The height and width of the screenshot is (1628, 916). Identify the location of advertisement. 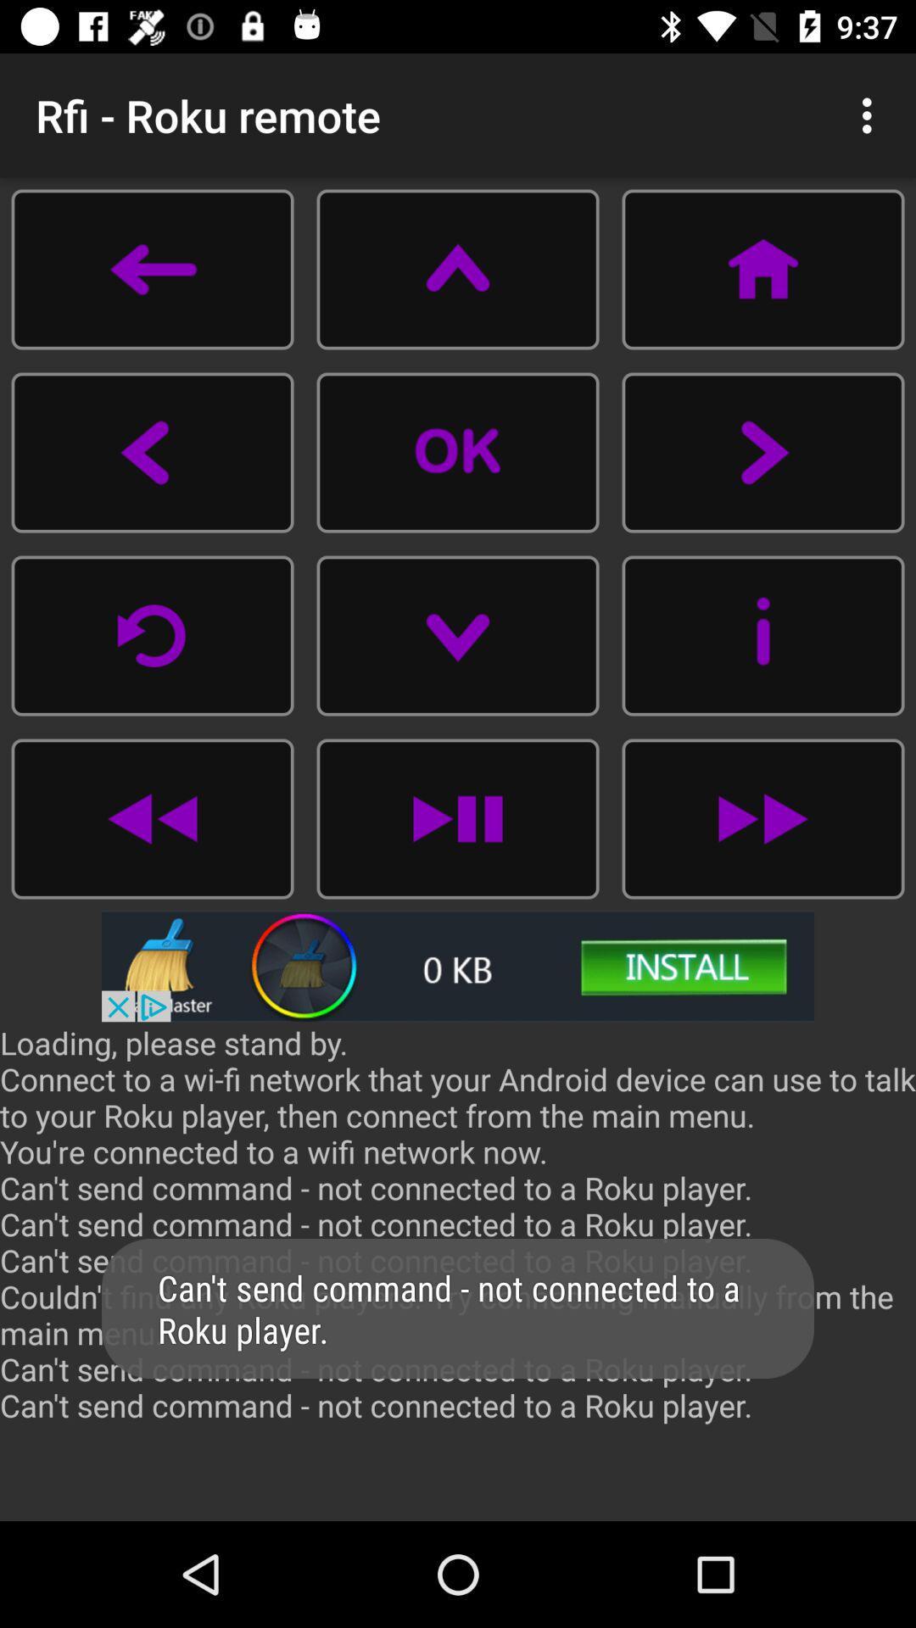
(458, 966).